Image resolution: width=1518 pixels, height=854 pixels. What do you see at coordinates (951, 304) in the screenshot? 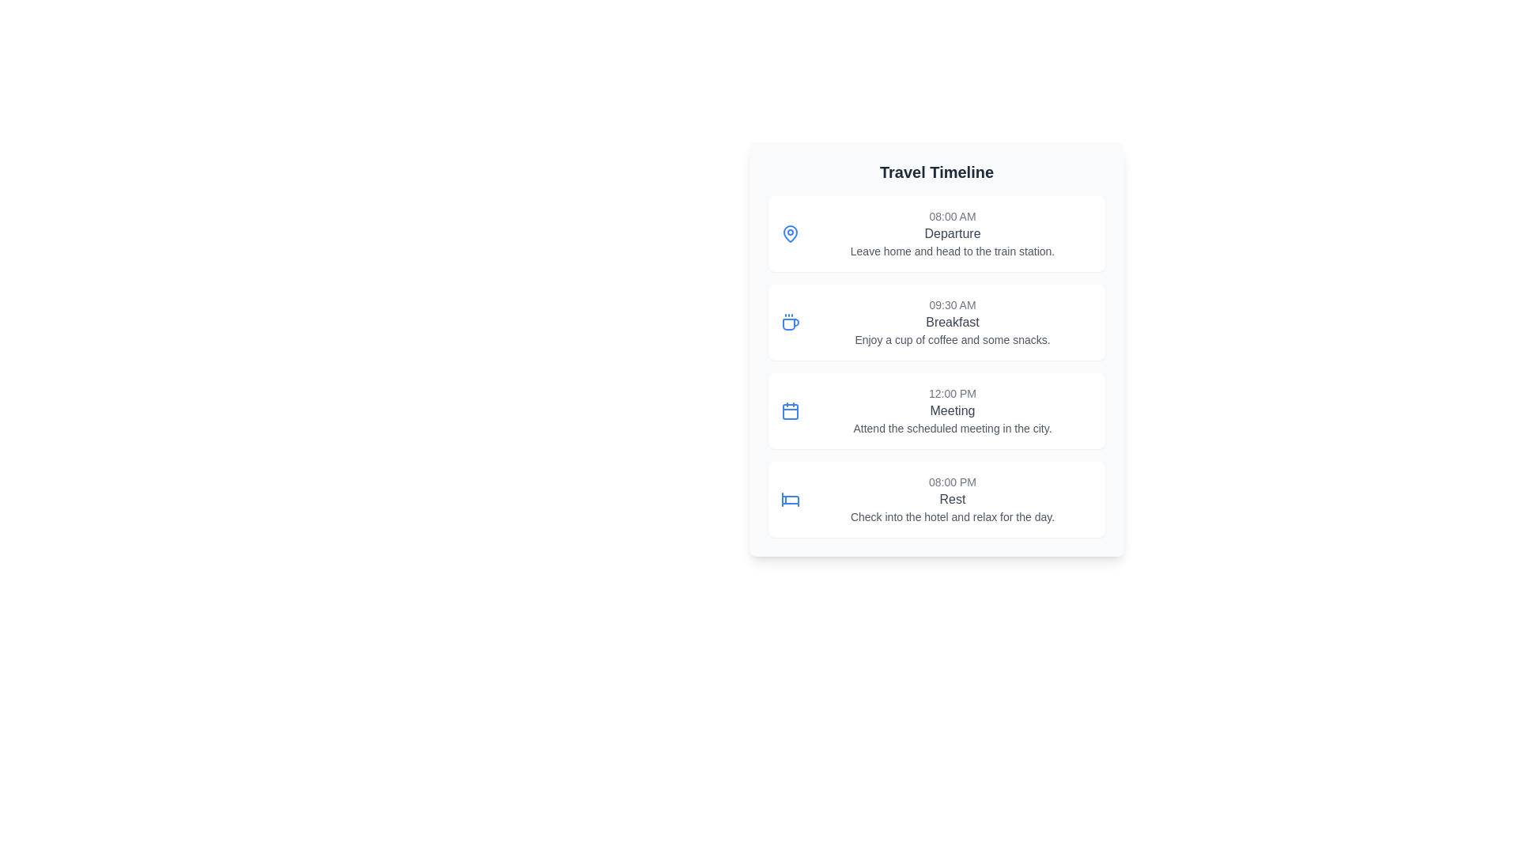
I see `text '09:30 AM' which is displayed in small, gray-styled typography above the event title 'Breakfast' in the timeline interface` at bounding box center [951, 304].